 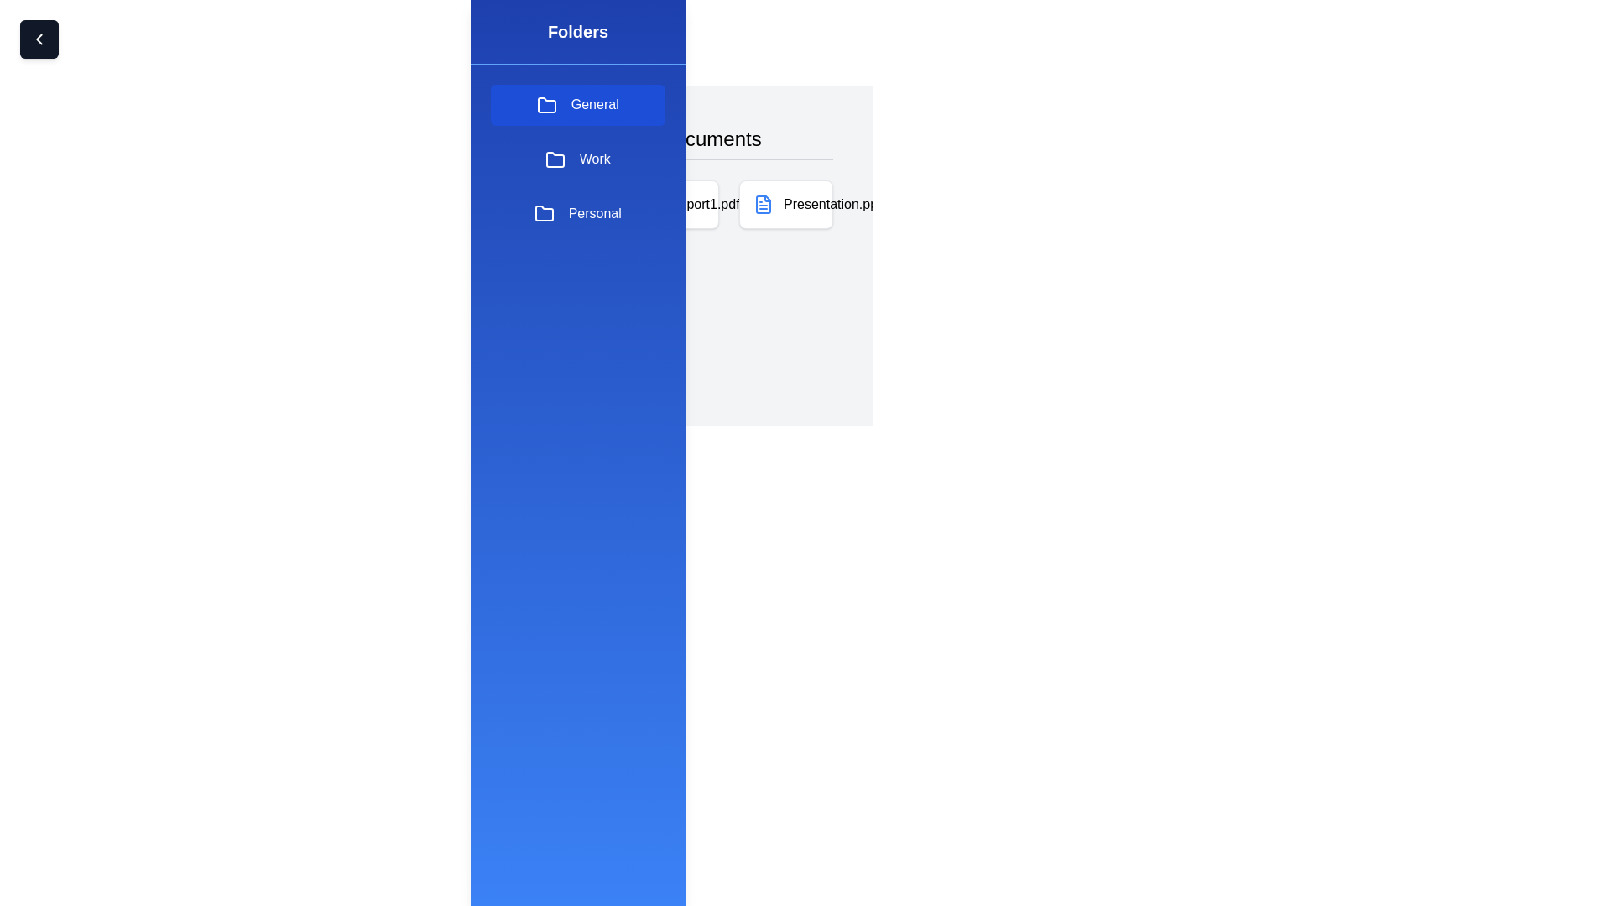 What do you see at coordinates (39, 38) in the screenshot?
I see `the go-back navigation icon located at the center of its square-shaped button with a dark background` at bounding box center [39, 38].